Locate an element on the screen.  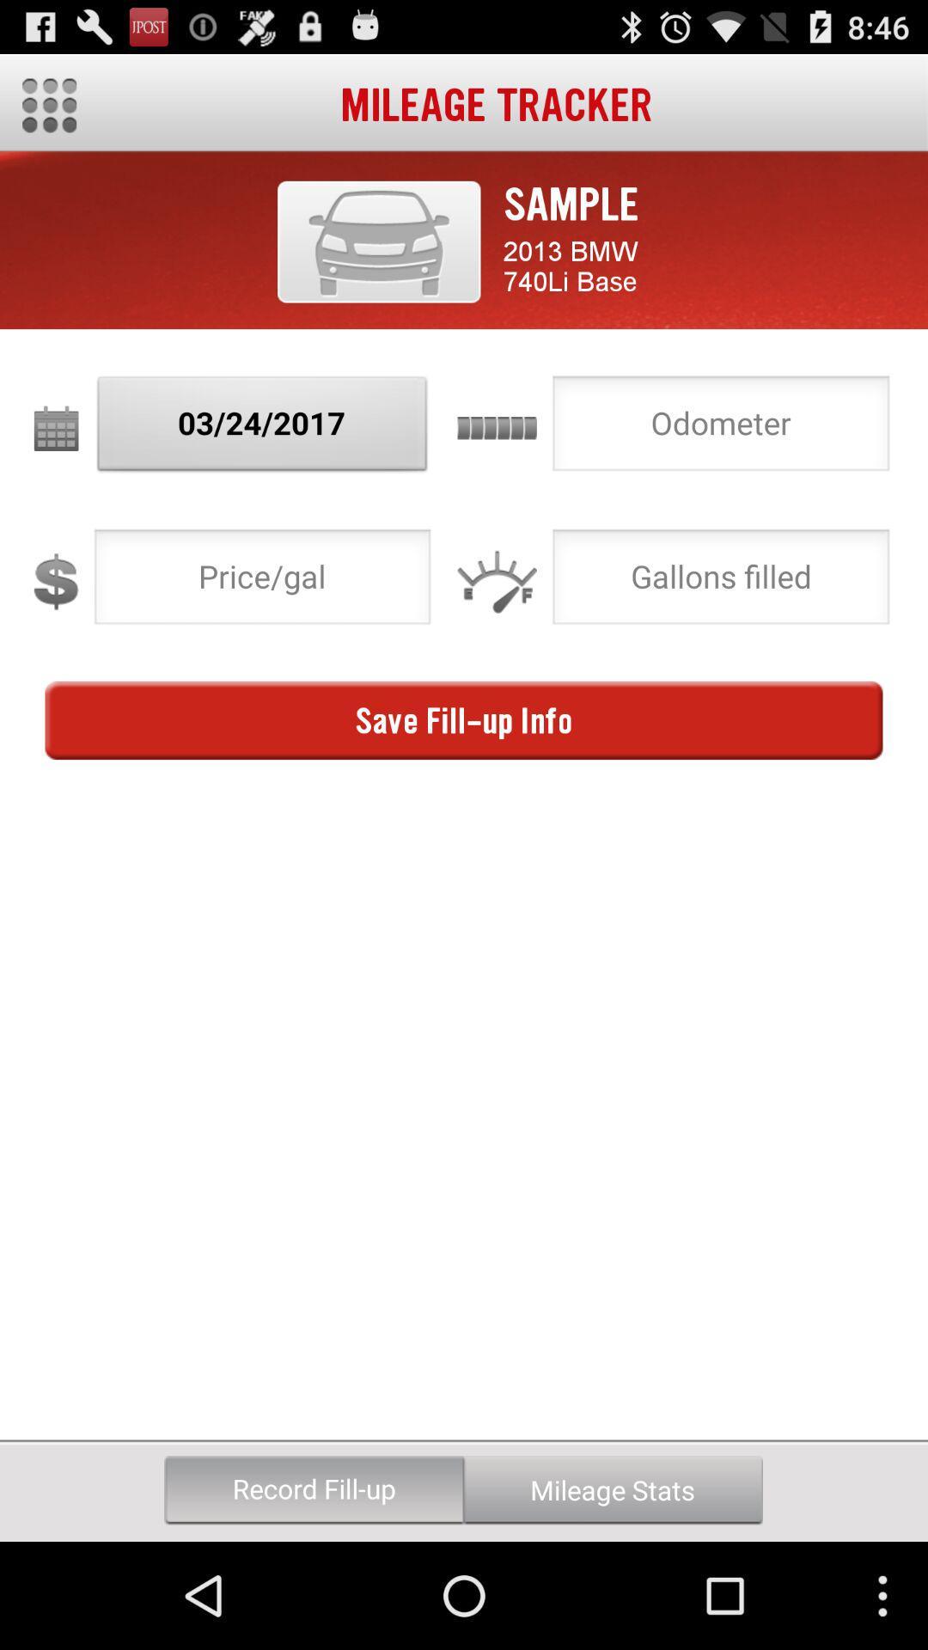
price is located at coordinates (262, 582).